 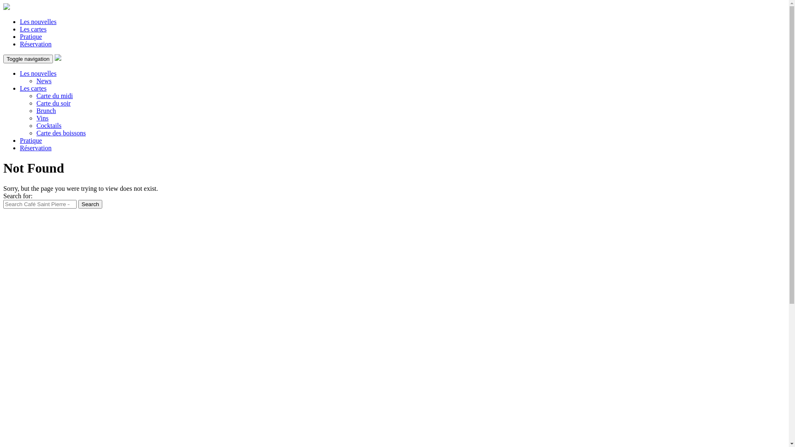 What do you see at coordinates (31, 140) in the screenshot?
I see `'Pratique'` at bounding box center [31, 140].